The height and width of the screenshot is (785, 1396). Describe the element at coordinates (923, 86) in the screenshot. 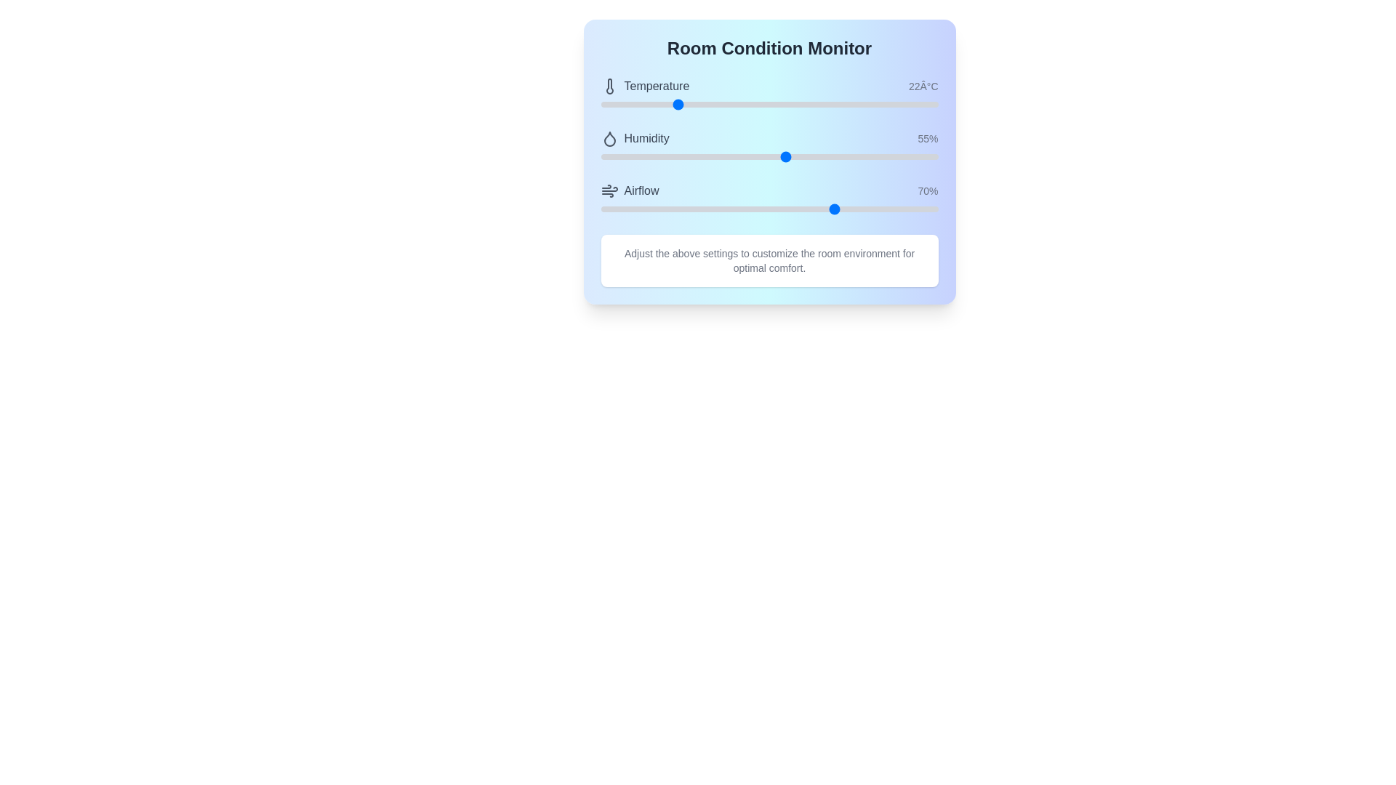

I see `displayed temperature information from the Text label that shows the current temperature value in the 'Temperature' section of the 'Room Condition Monitor' interface, located to the right of the 'Temperature' label and thermometer icon` at that location.